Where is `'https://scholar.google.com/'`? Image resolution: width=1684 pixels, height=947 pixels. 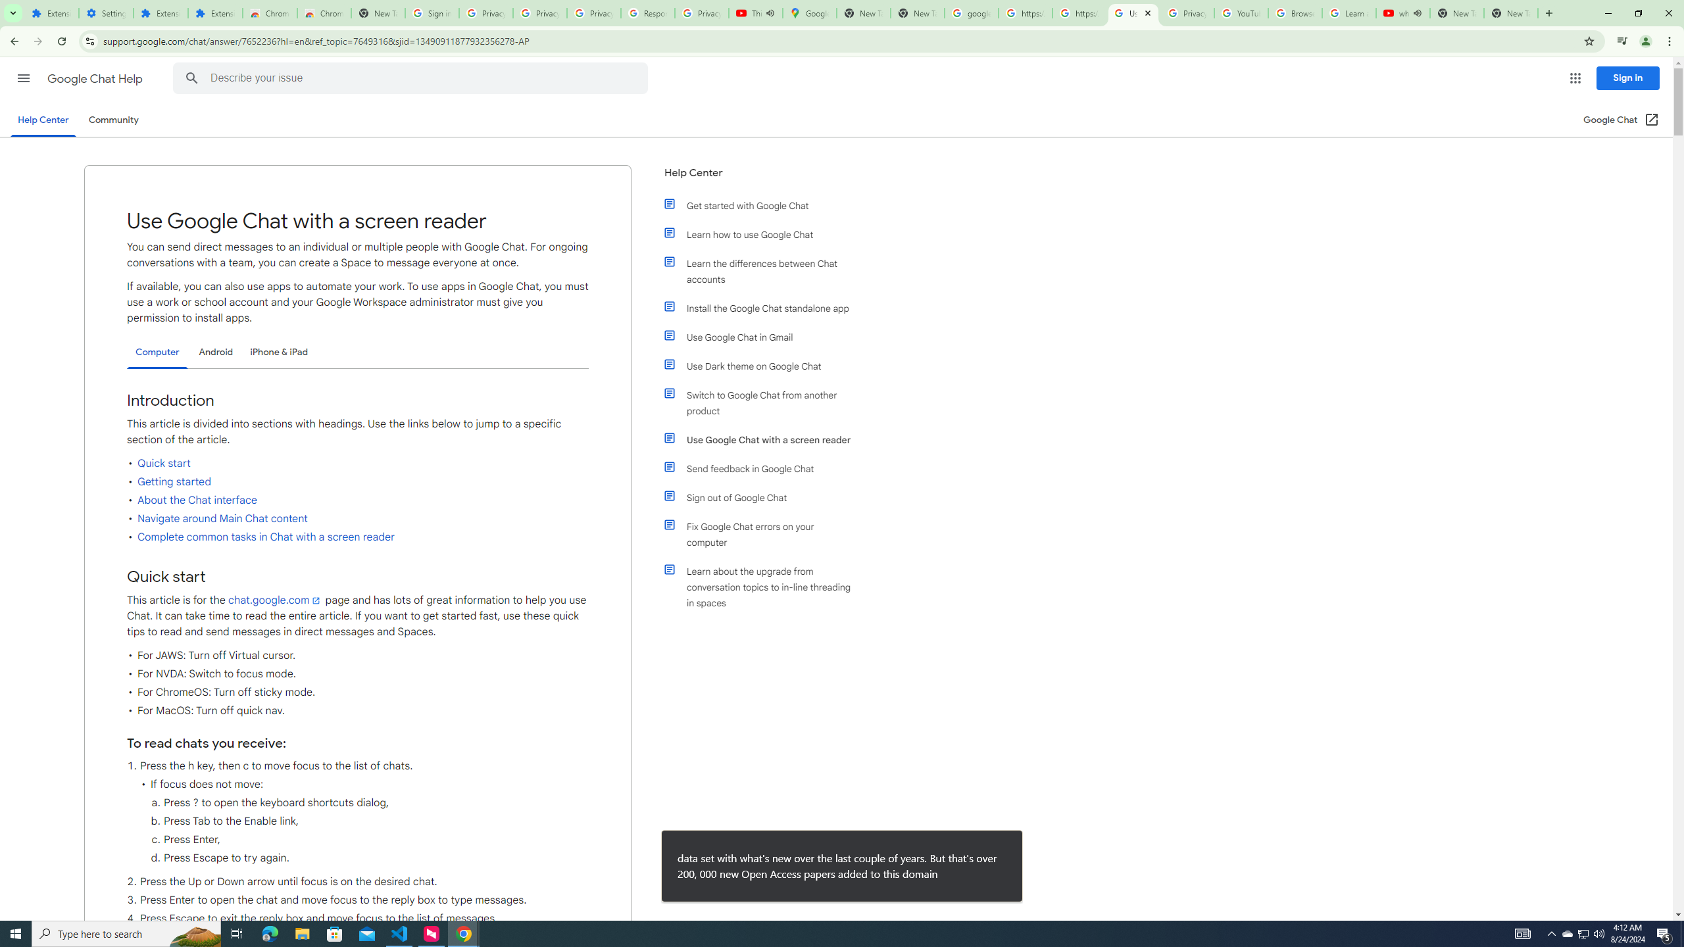 'https://scholar.google.com/' is located at coordinates (1078, 12).